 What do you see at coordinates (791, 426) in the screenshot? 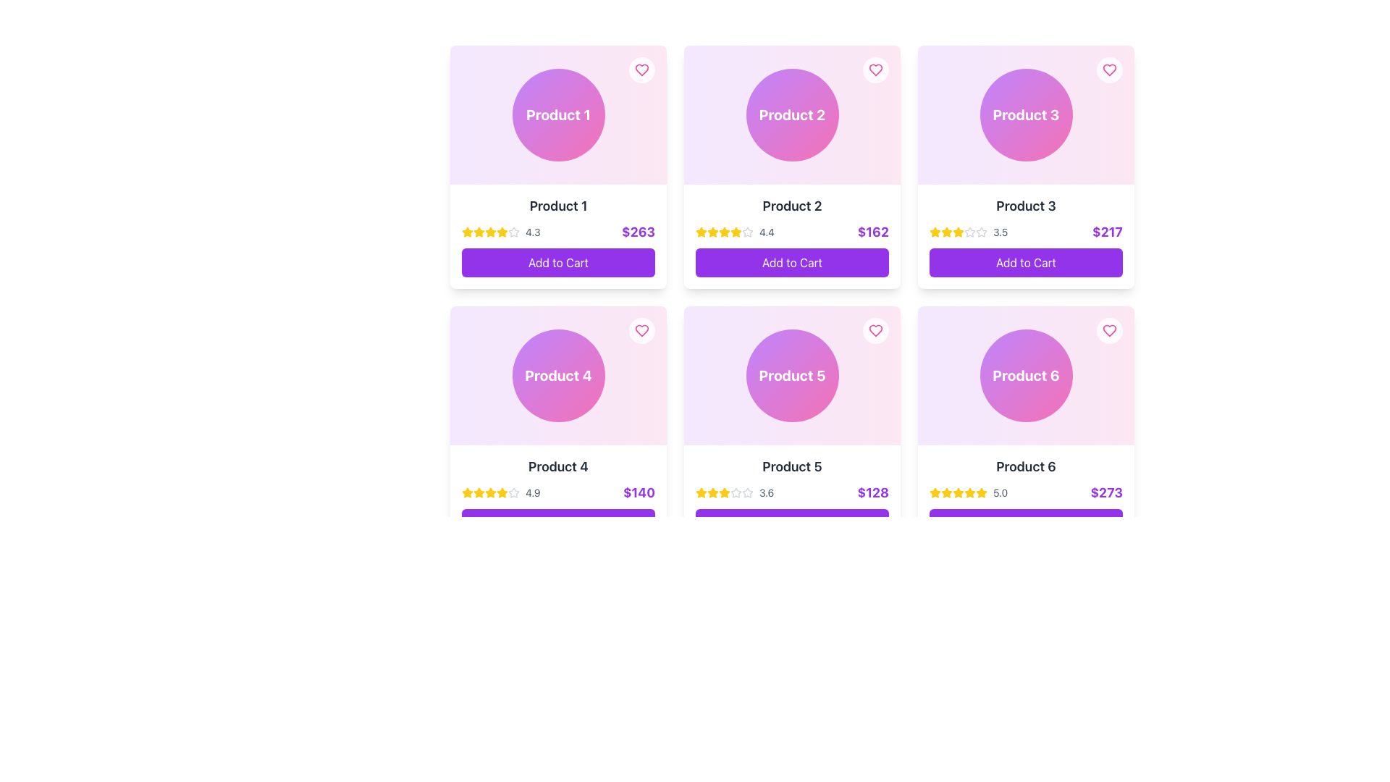
I see `the Product card component located in the second row, second column of the grid layout` at bounding box center [791, 426].